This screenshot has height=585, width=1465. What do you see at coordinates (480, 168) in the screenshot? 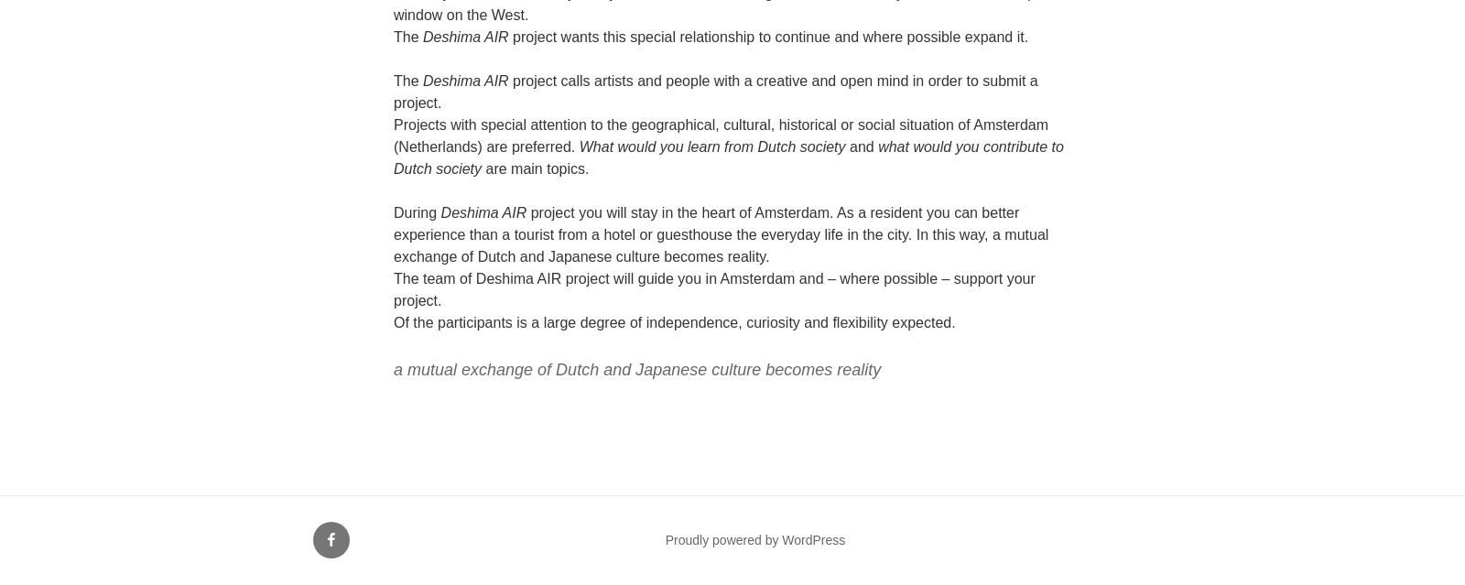
I see `'are main topics.'` at bounding box center [480, 168].